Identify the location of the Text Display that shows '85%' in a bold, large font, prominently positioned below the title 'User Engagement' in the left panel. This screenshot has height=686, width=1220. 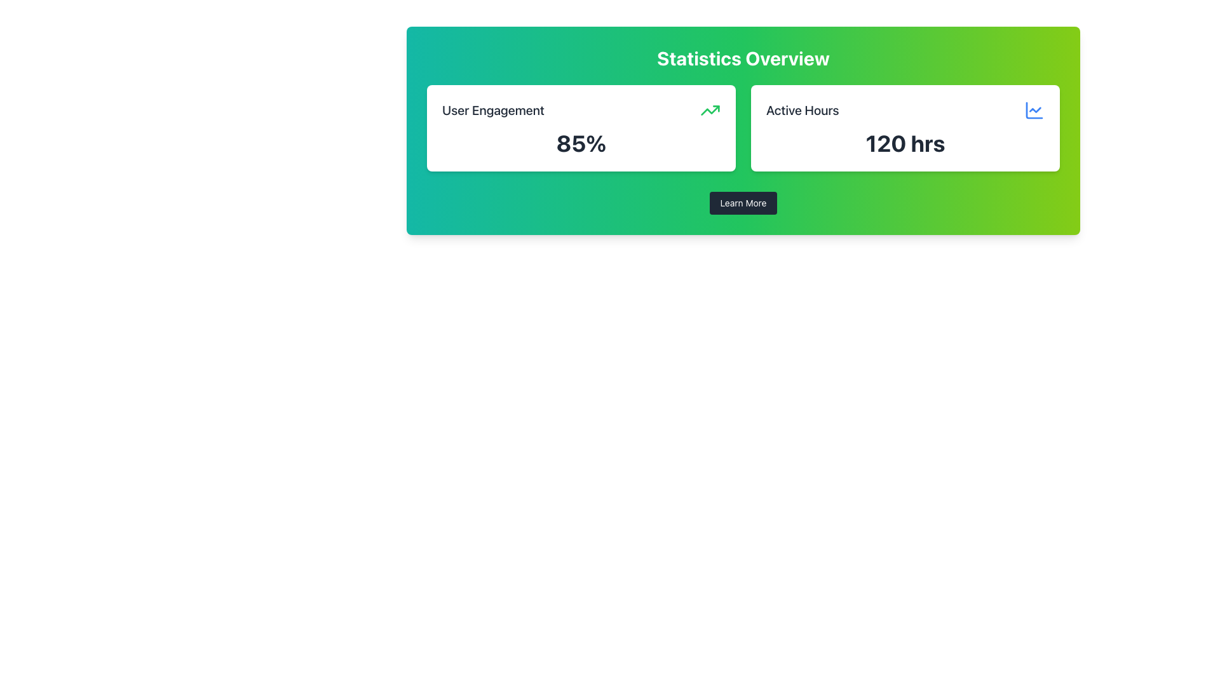
(581, 143).